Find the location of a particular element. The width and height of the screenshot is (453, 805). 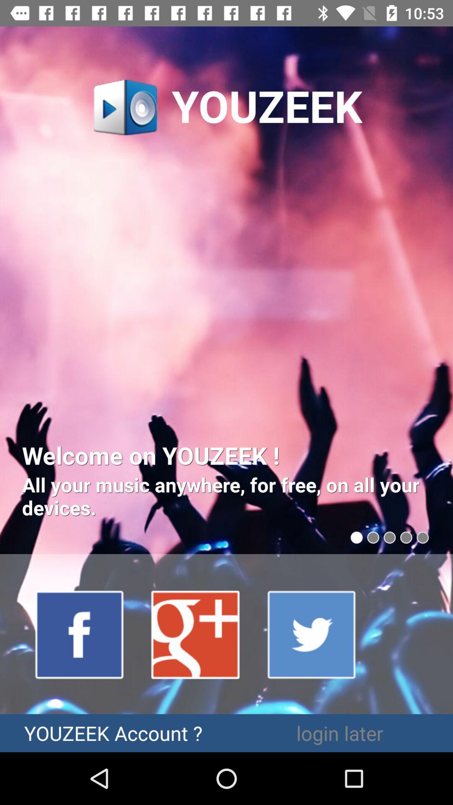

the item above login later is located at coordinates (312, 634).